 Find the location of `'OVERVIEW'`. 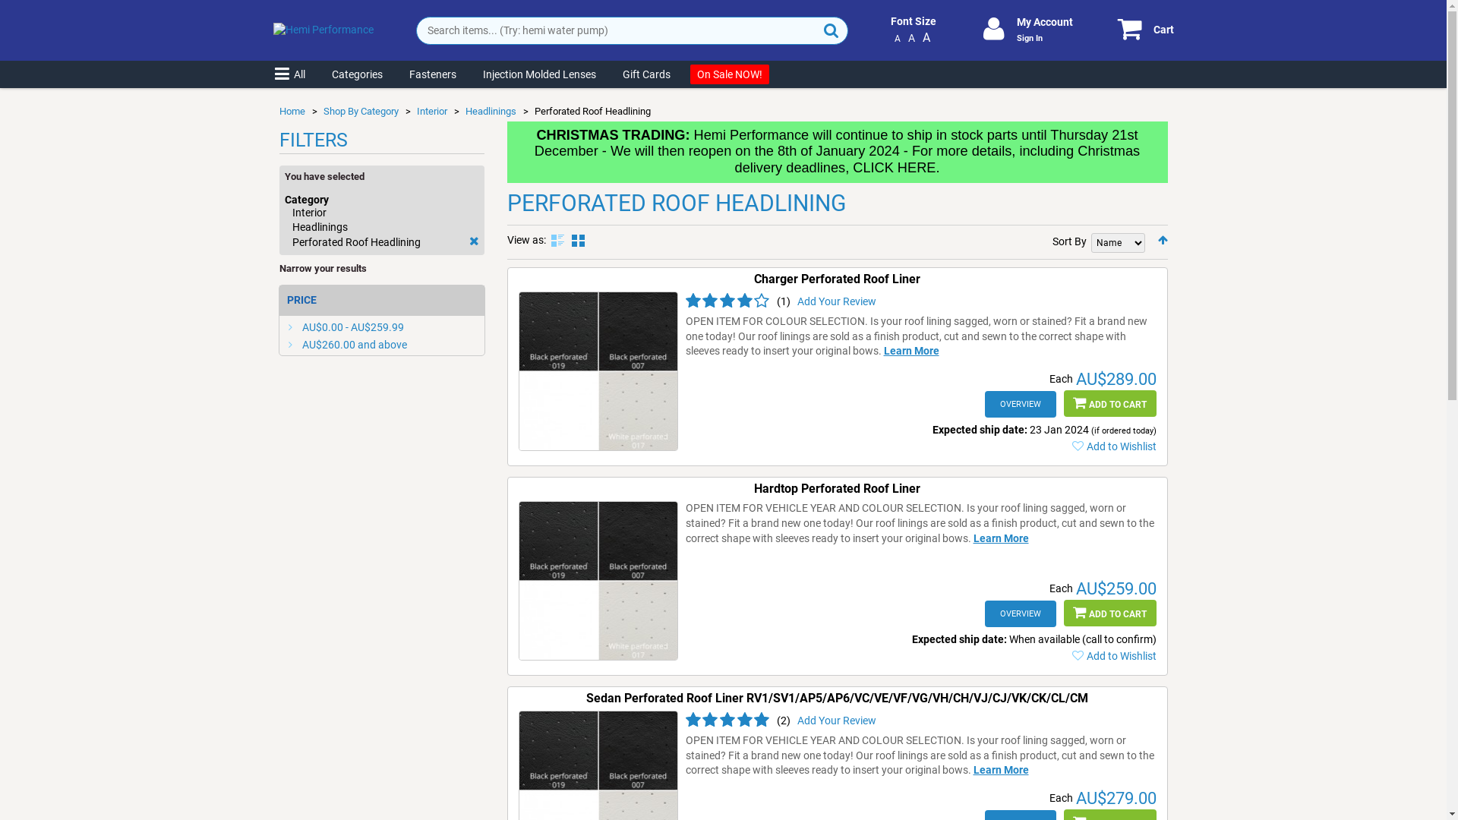

'OVERVIEW' is located at coordinates (1020, 613).